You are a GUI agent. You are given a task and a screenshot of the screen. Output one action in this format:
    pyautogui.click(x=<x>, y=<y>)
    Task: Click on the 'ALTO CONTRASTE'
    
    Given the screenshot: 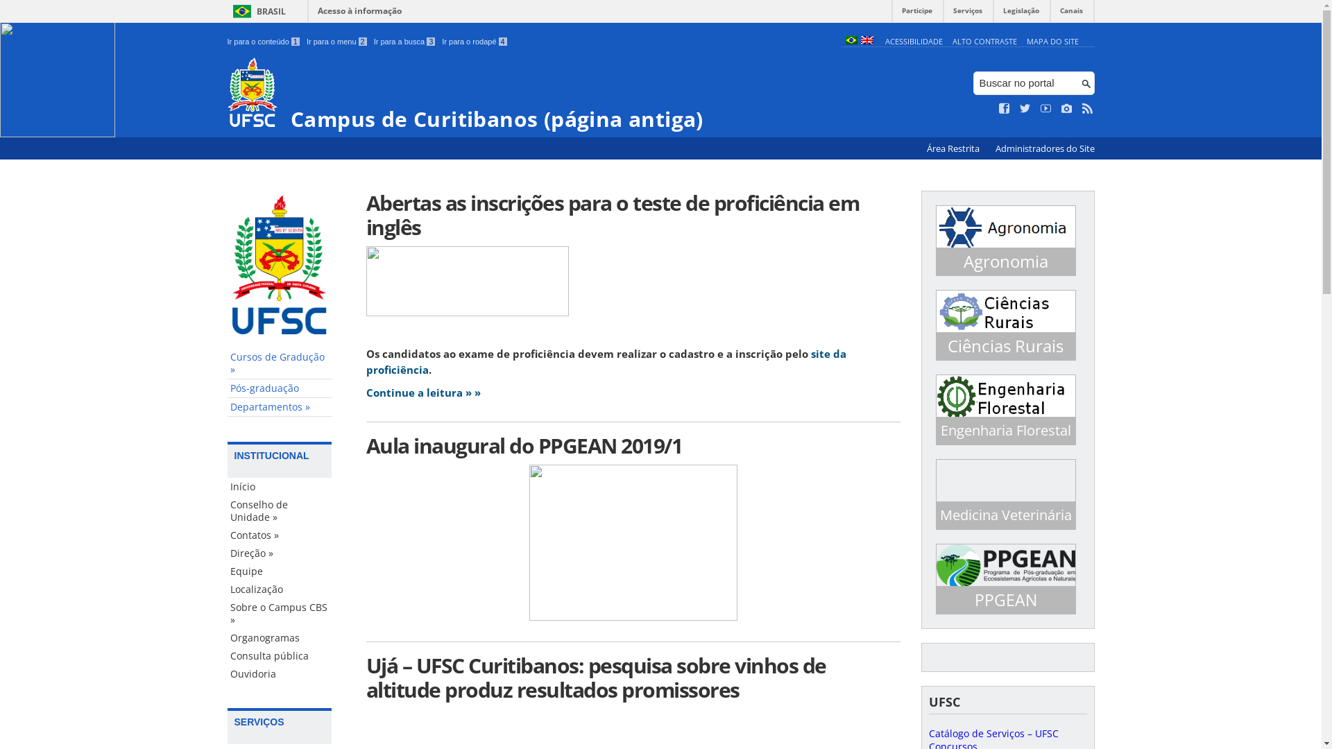 What is the action you would take?
    pyautogui.click(x=984, y=40)
    